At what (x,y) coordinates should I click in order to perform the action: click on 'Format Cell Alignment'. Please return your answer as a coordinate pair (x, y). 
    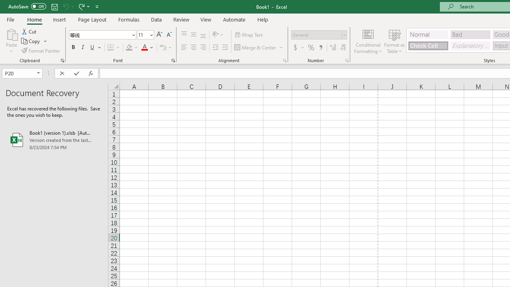
    Looking at the image, I should click on (284, 60).